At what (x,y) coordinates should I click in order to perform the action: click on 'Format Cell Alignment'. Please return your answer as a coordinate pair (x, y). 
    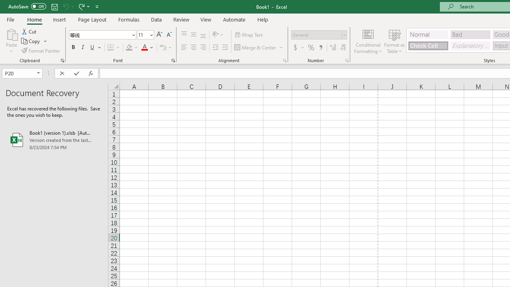
    Looking at the image, I should click on (284, 60).